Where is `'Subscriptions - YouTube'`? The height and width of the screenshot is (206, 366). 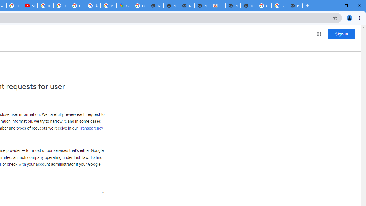 'Subscriptions - YouTube' is located at coordinates (29, 6).